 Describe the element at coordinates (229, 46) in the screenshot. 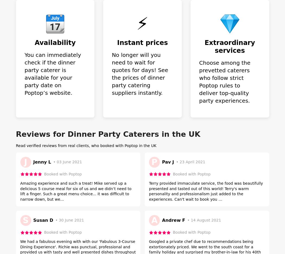

I see `'Extraordinary services'` at that location.